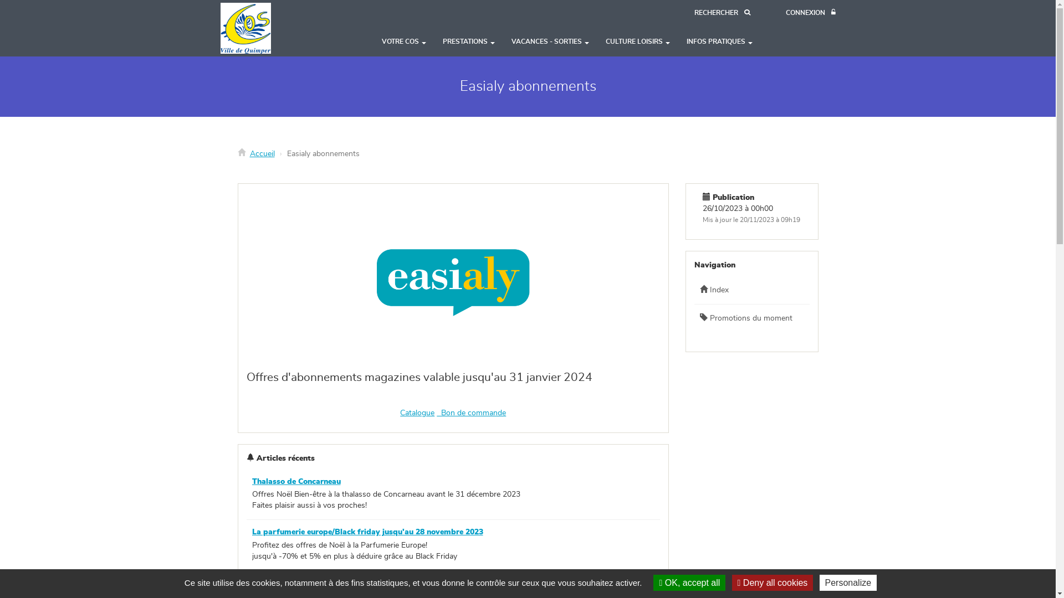 This screenshot has width=1064, height=598. What do you see at coordinates (772, 582) in the screenshot?
I see `'Deny all cookies'` at bounding box center [772, 582].